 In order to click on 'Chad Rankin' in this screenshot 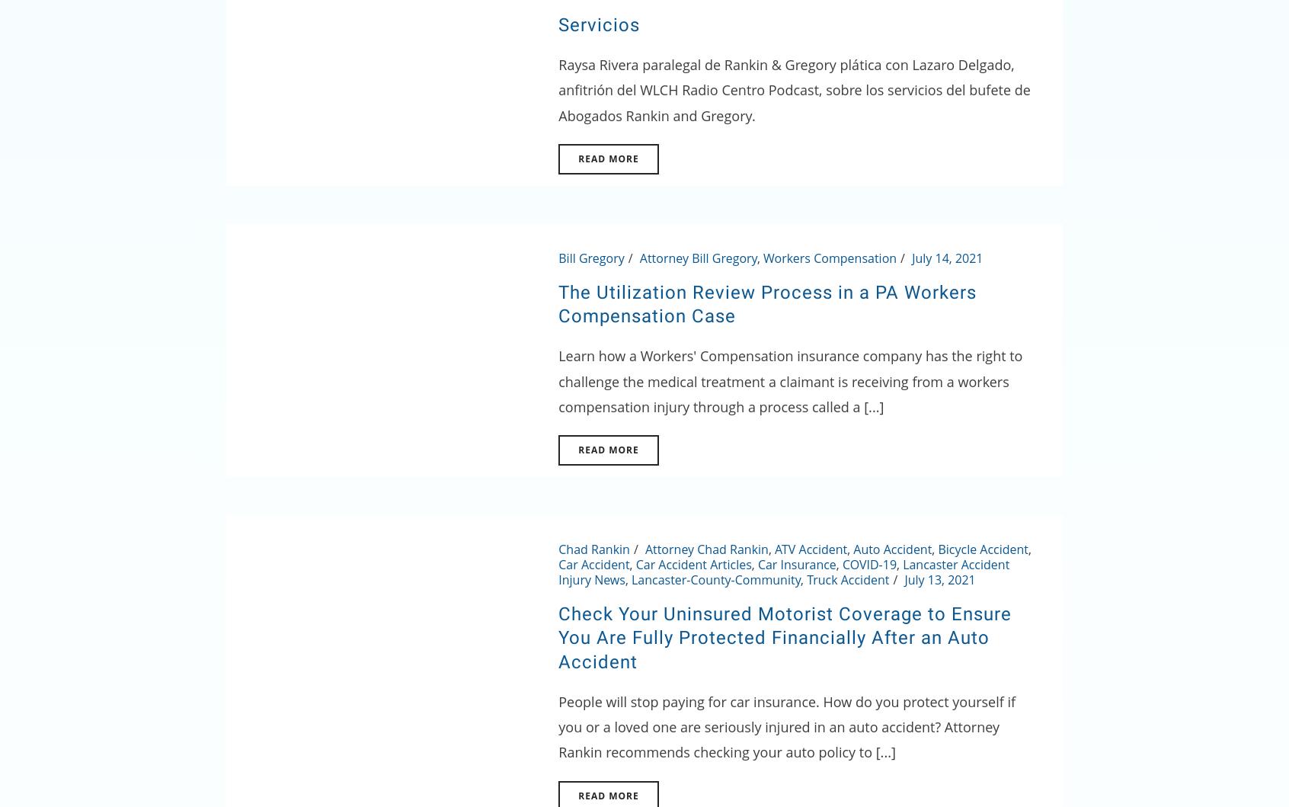, I will do `click(593, 549)`.